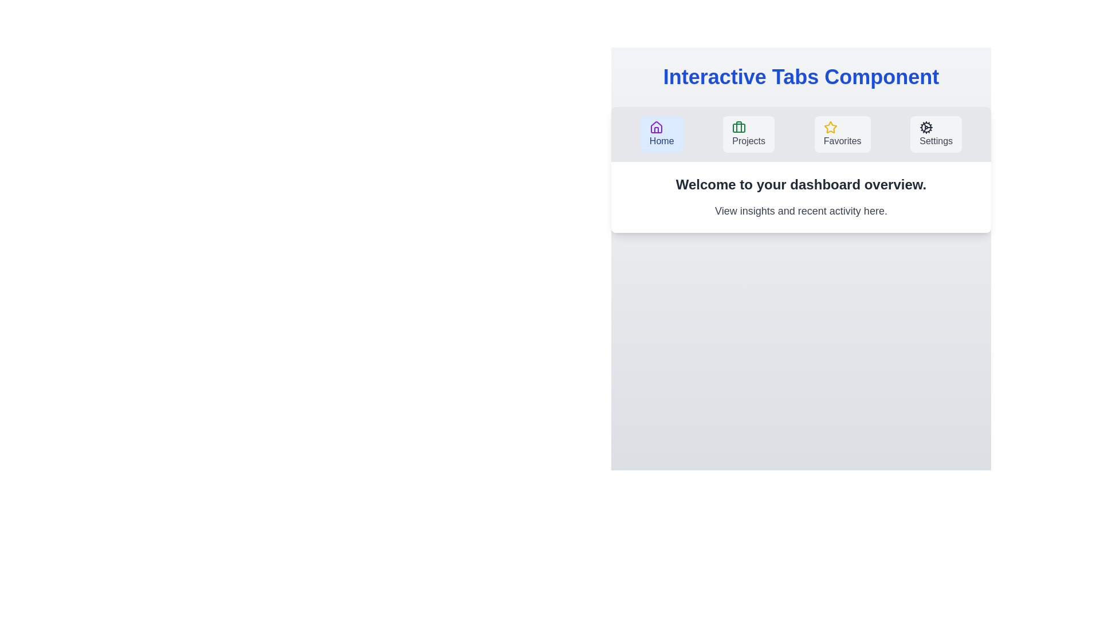 This screenshot has height=618, width=1100. What do you see at coordinates (656, 128) in the screenshot?
I see `the icon corresponding to the Home tab` at bounding box center [656, 128].